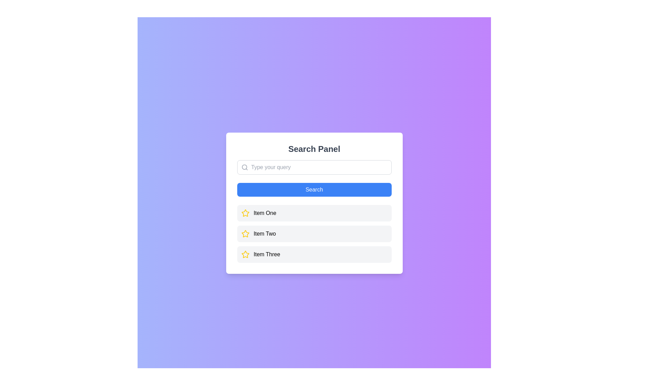  I want to click on the list item labeled 'Item Three', so click(314, 255).